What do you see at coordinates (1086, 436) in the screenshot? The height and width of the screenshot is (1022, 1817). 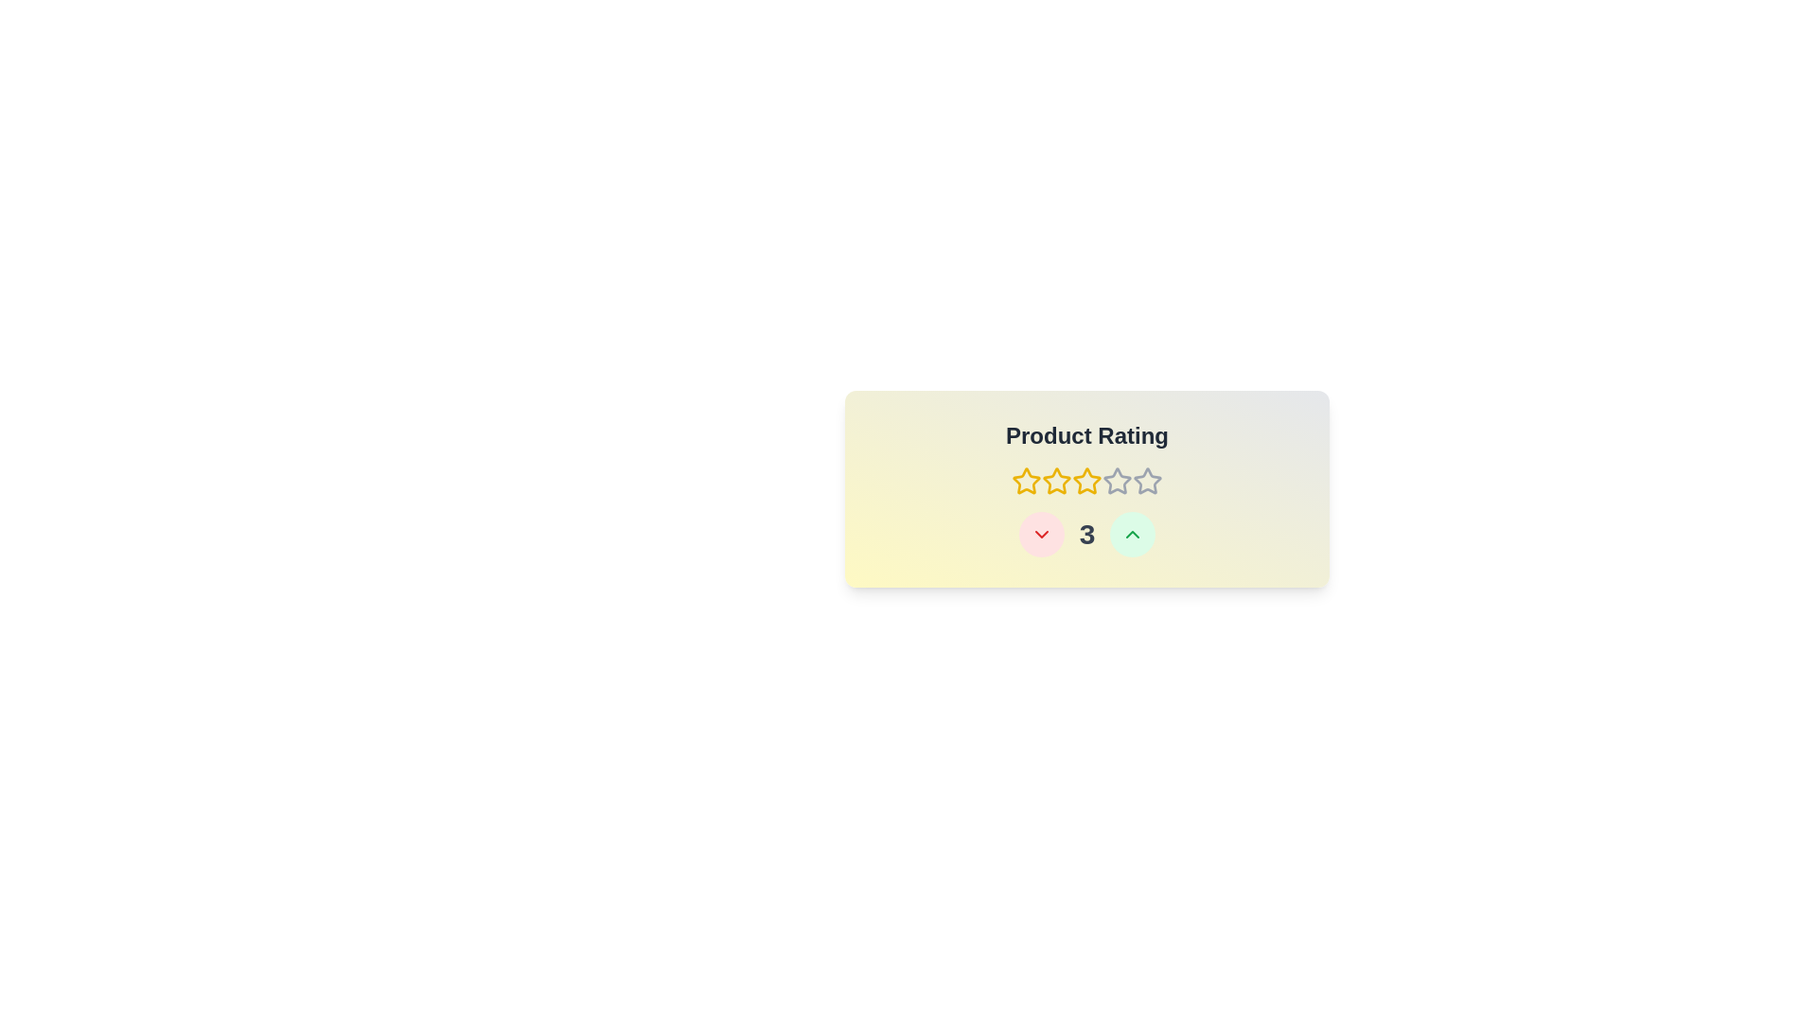 I see `the Text Display that serves as the header for the 'Product Rating' section, positioned at the top of a rounded, gradient-filled box` at bounding box center [1086, 436].